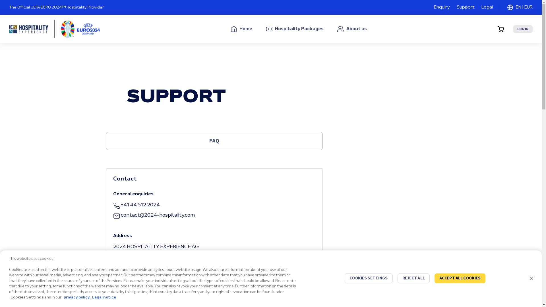 The image size is (546, 307). I want to click on 'Hospitality Packages', so click(266, 29).